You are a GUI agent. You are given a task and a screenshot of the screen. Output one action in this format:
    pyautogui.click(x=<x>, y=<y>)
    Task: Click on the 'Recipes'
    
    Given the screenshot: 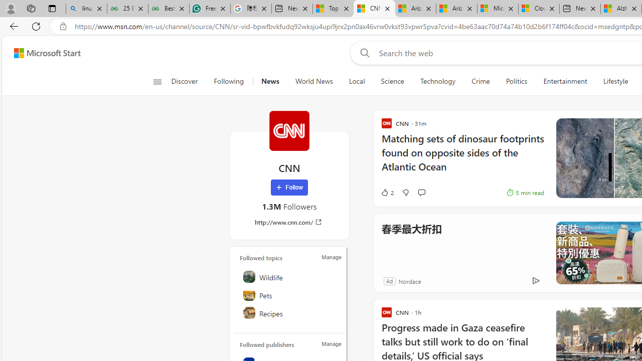 What is the action you would take?
    pyautogui.click(x=289, y=312)
    